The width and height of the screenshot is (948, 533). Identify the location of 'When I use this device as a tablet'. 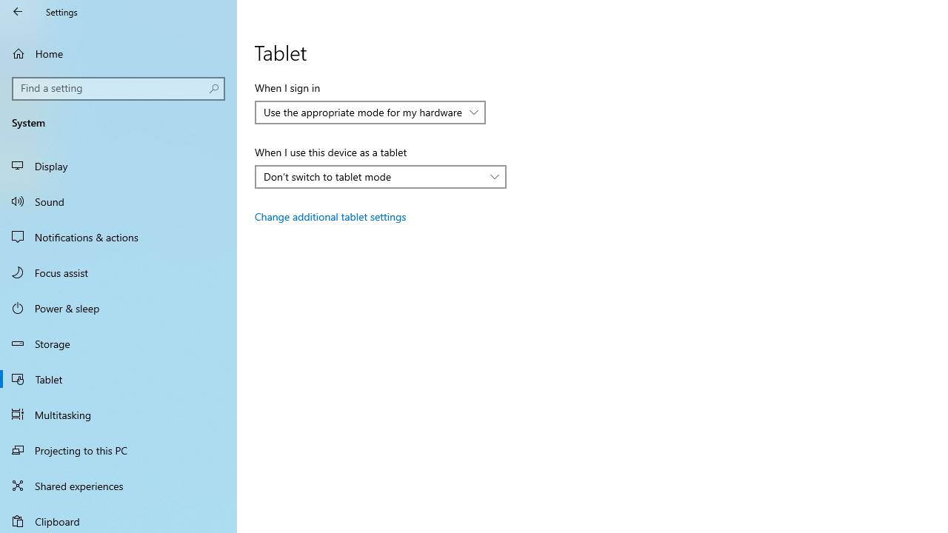
(380, 176).